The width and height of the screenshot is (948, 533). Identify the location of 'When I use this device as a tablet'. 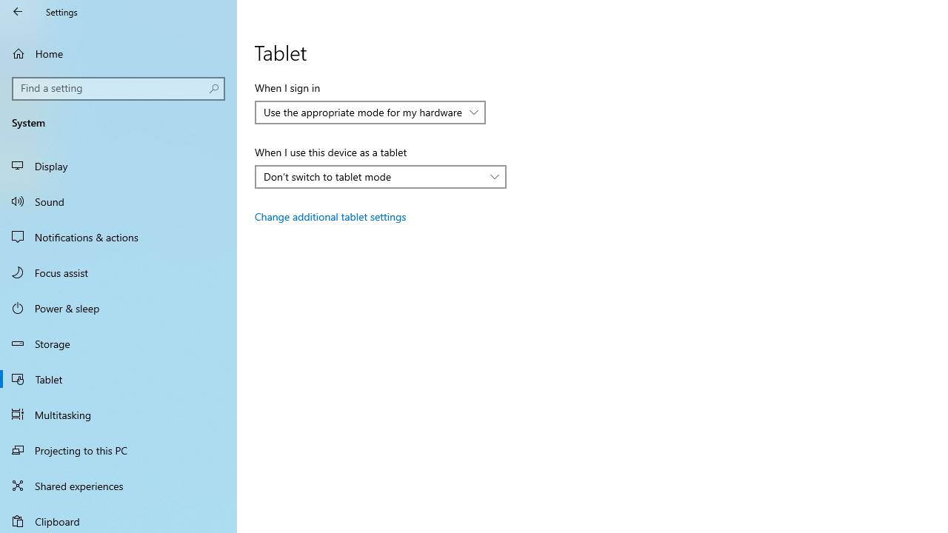
(380, 176).